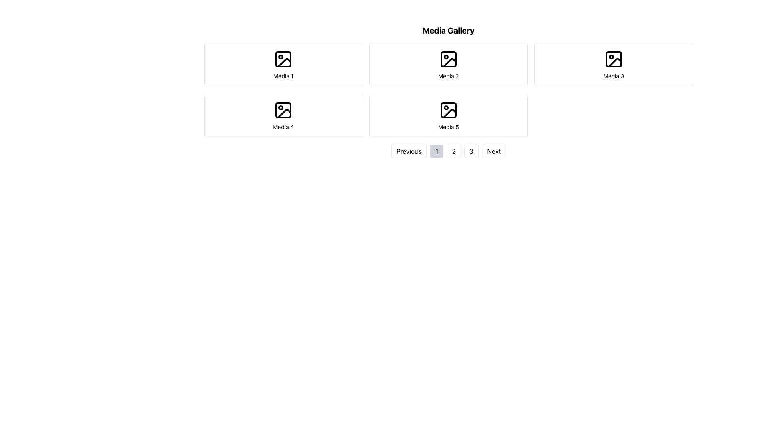  Describe the element at coordinates (448, 127) in the screenshot. I see `the Static Text Label displaying 'Media 5', which is located below an image icon in a rectangular card in the grid` at that location.